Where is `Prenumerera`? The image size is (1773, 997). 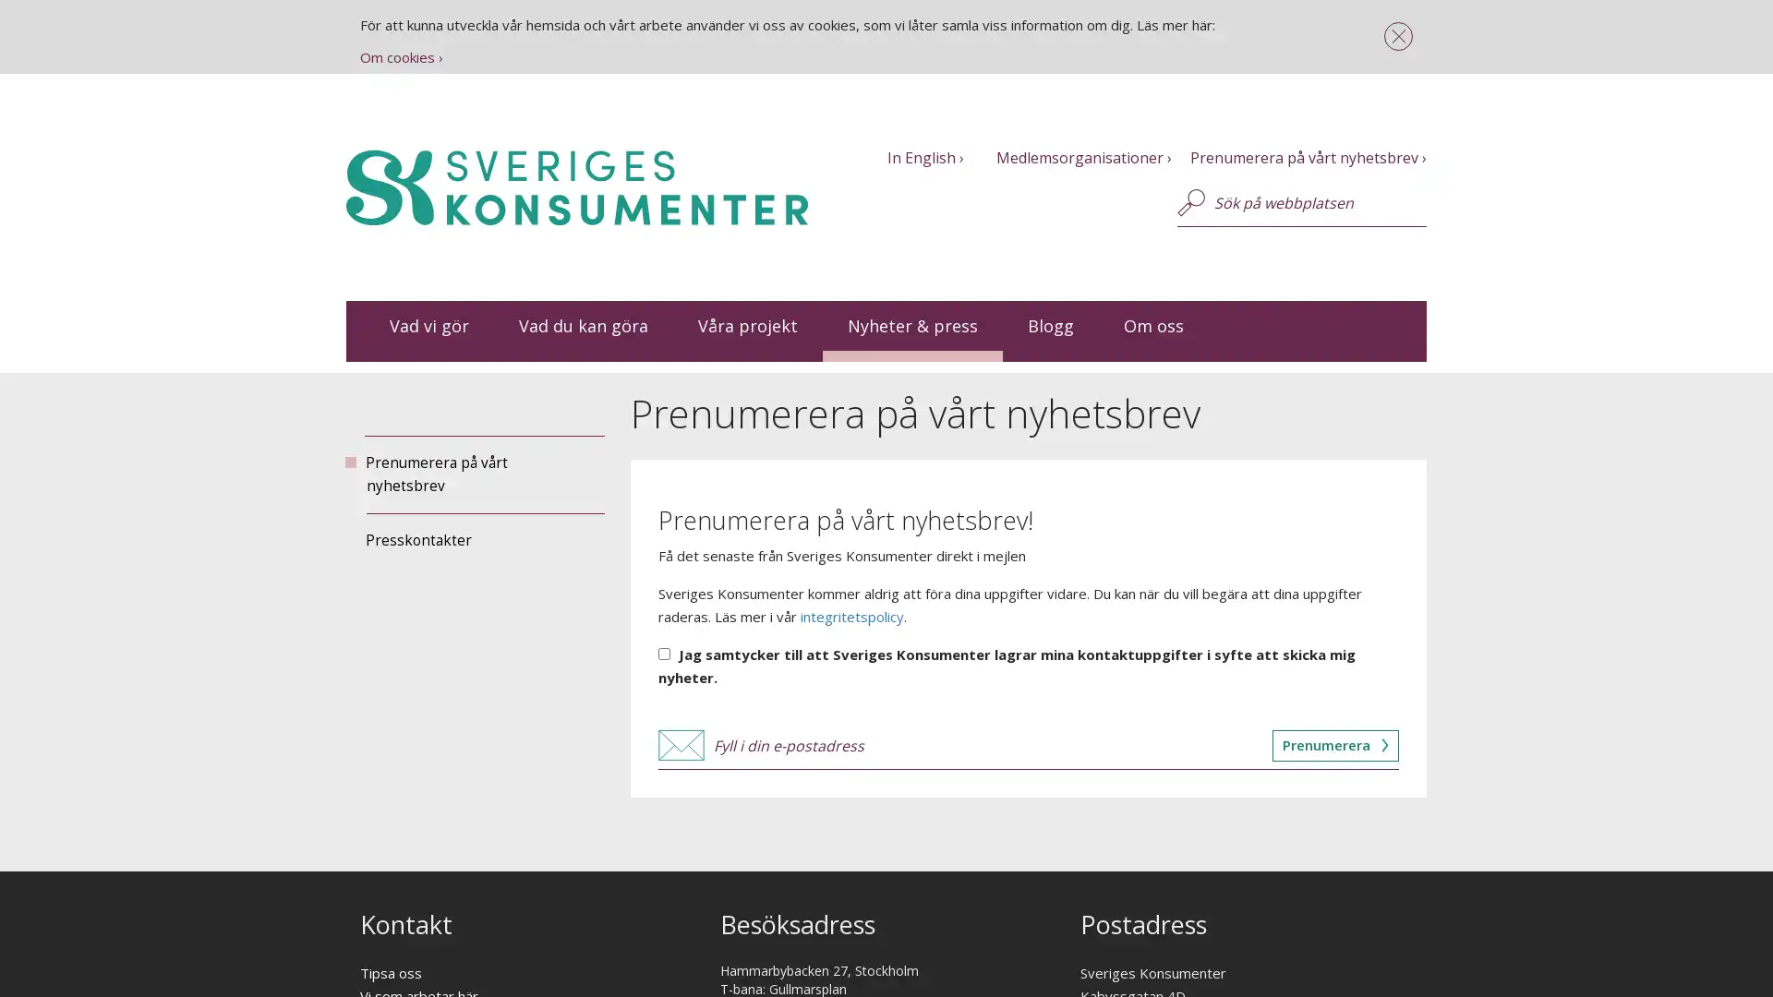
Prenumerera is located at coordinates (1335, 744).